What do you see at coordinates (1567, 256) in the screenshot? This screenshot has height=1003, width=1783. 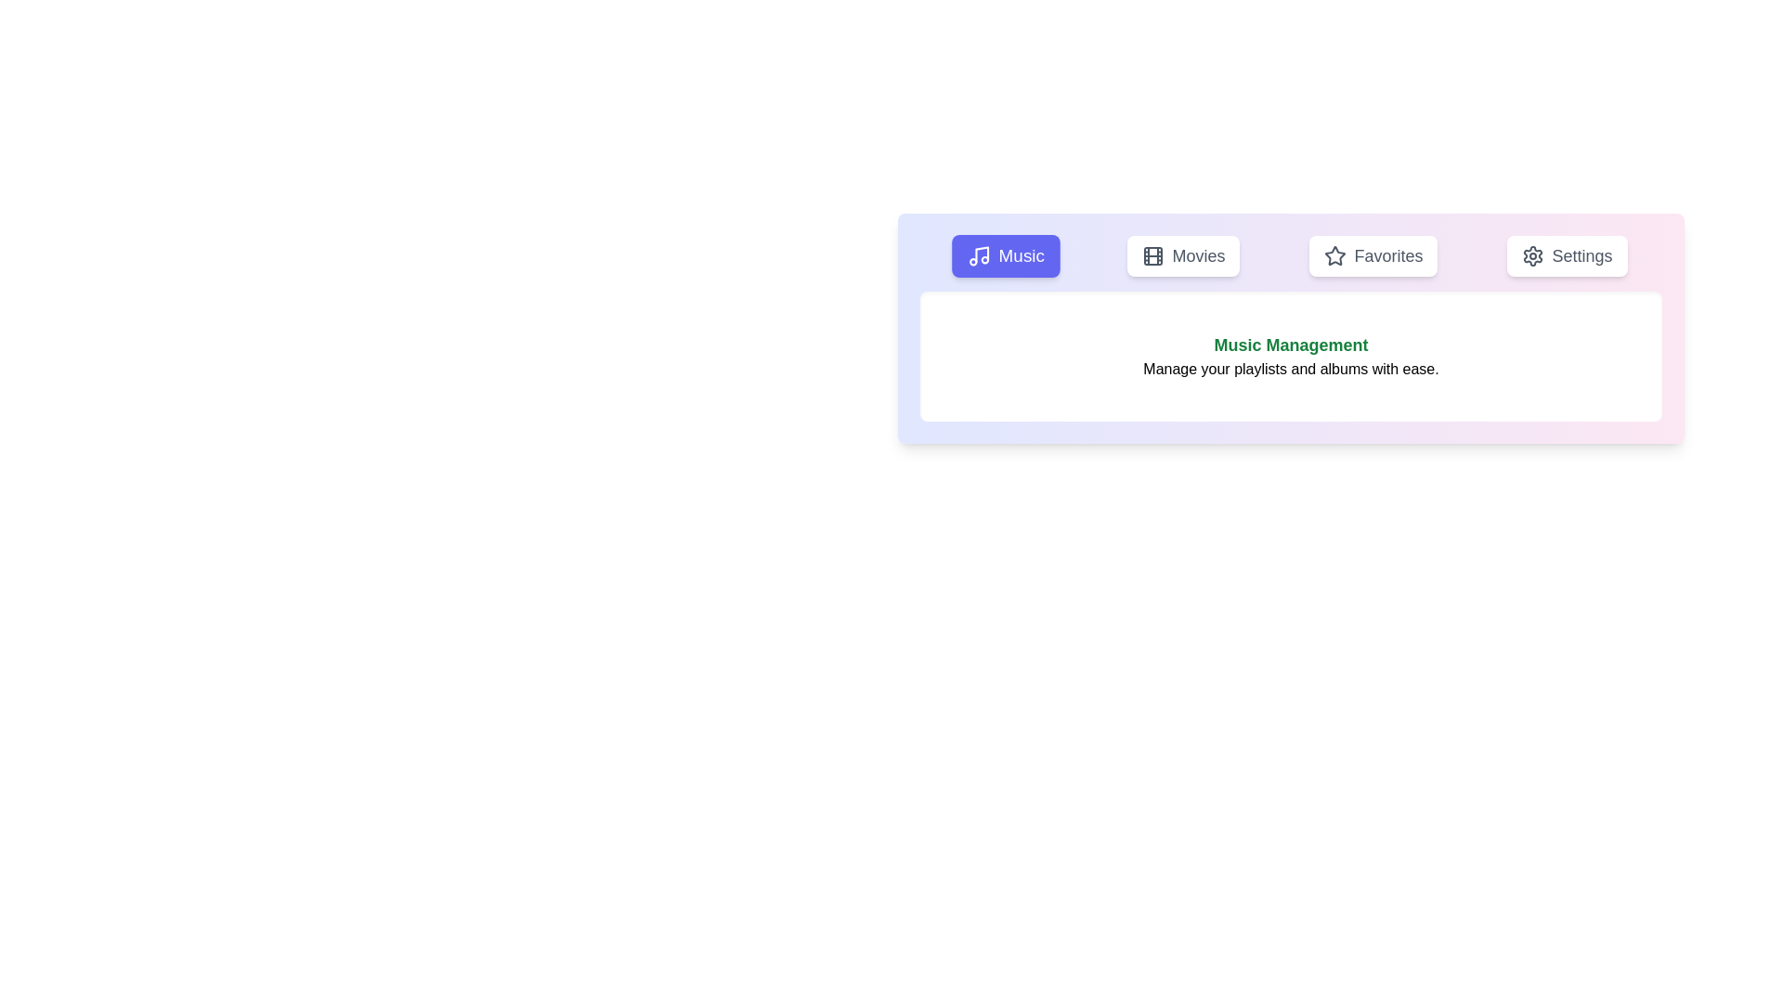 I see `the Settings tab by clicking on its respective button` at bounding box center [1567, 256].